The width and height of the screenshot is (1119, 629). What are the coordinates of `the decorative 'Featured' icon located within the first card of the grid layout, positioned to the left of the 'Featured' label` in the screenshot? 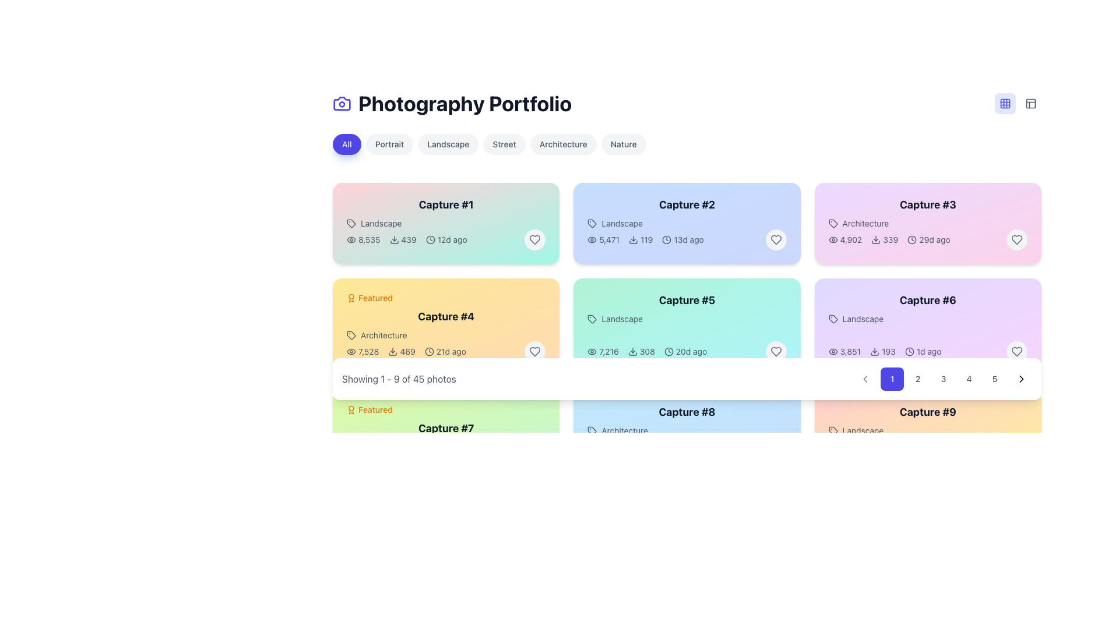 It's located at (351, 409).